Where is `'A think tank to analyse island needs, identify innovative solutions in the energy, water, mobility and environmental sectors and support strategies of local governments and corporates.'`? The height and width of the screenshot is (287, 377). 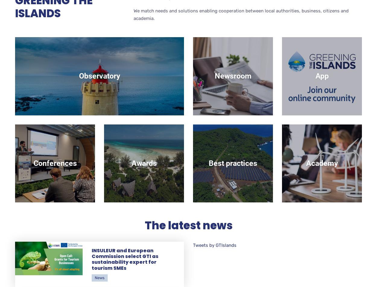
'A think tank to analyse island needs, identify innovative solutions in the energy, water, mobility and environmental sectors and support strategies of local governments and corporates.' is located at coordinates (99, 81).